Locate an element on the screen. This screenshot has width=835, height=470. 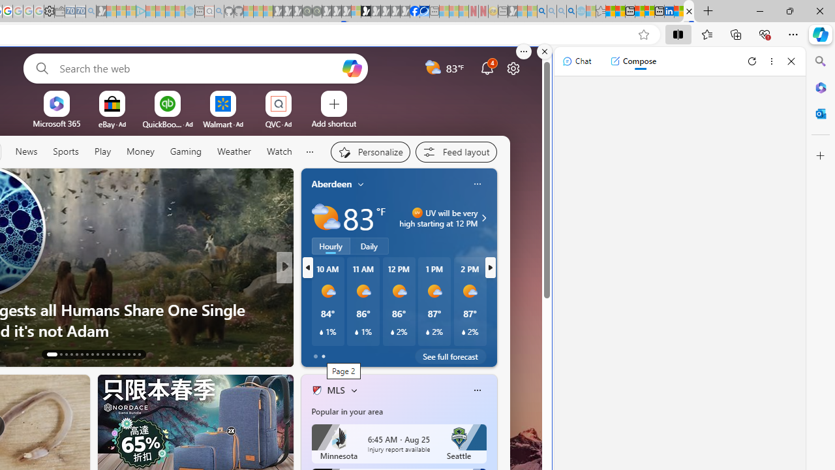
'Daily' is located at coordinates (369, 246).